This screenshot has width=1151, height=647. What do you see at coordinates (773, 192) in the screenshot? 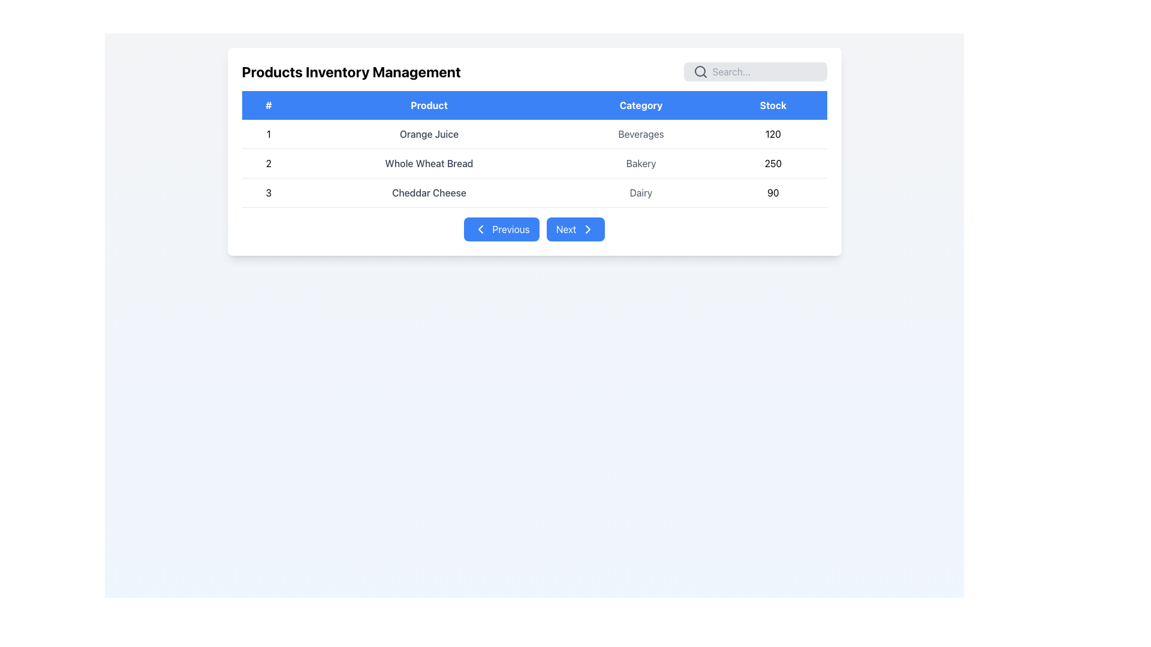
I see `the Text Display element that shows the stock quantity of 'Cheddar Cheese' located in the 'Stock' column of the last row of the table` at bounding box center [773, 192].